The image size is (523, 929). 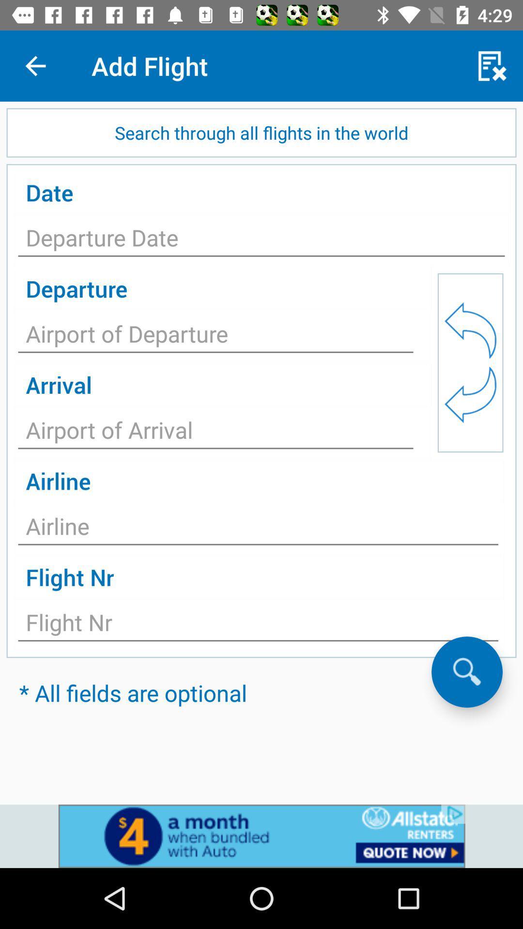 What do you see at coordinates (466, 671) in the screenshot?
I see `the search icon` at bounding box center [466, 671].